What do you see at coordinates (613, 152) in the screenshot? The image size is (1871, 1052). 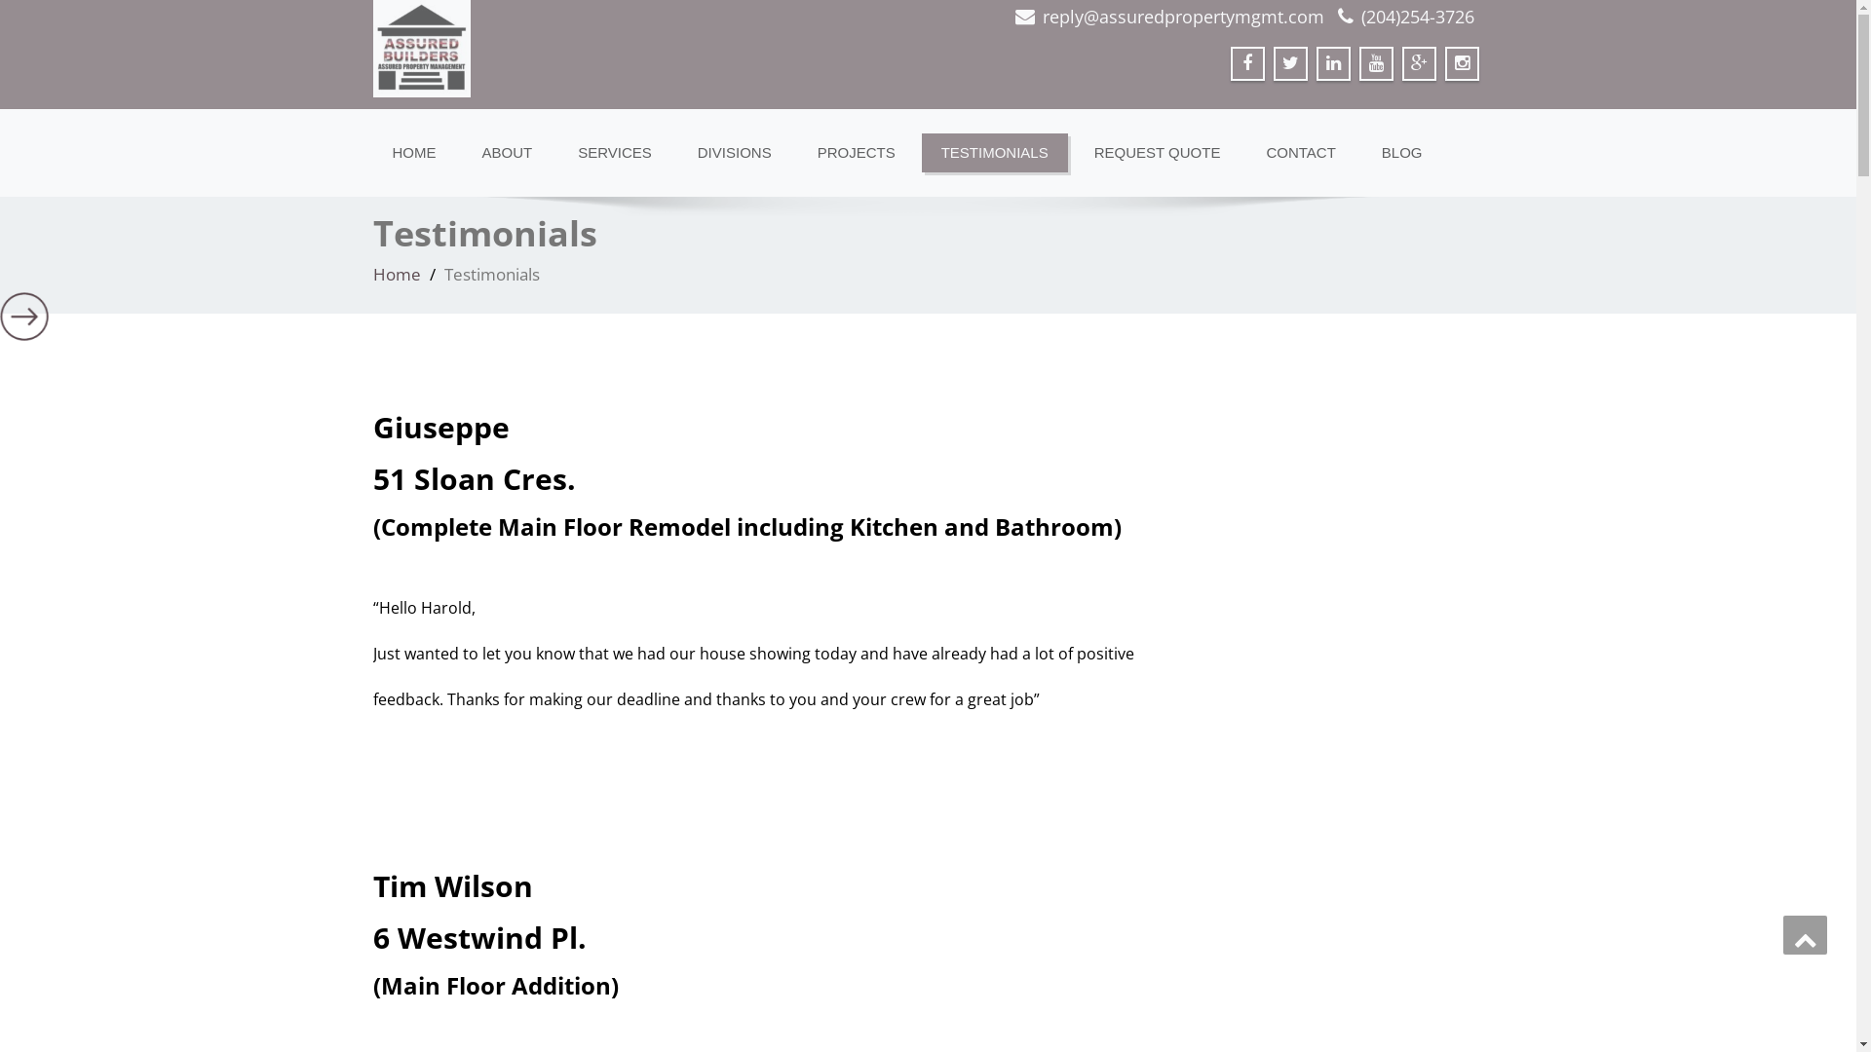 I see `'SERVICES'` at bounding box center [613, 152].